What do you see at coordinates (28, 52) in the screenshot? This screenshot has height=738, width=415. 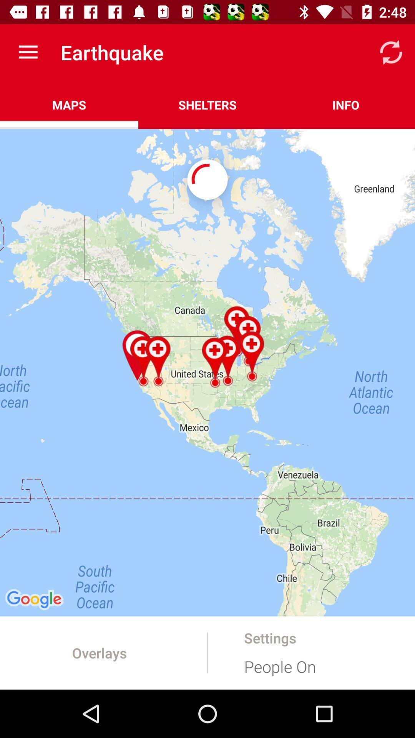 I see `the app to the left of the earthquake` at bounding box center [28, 52].